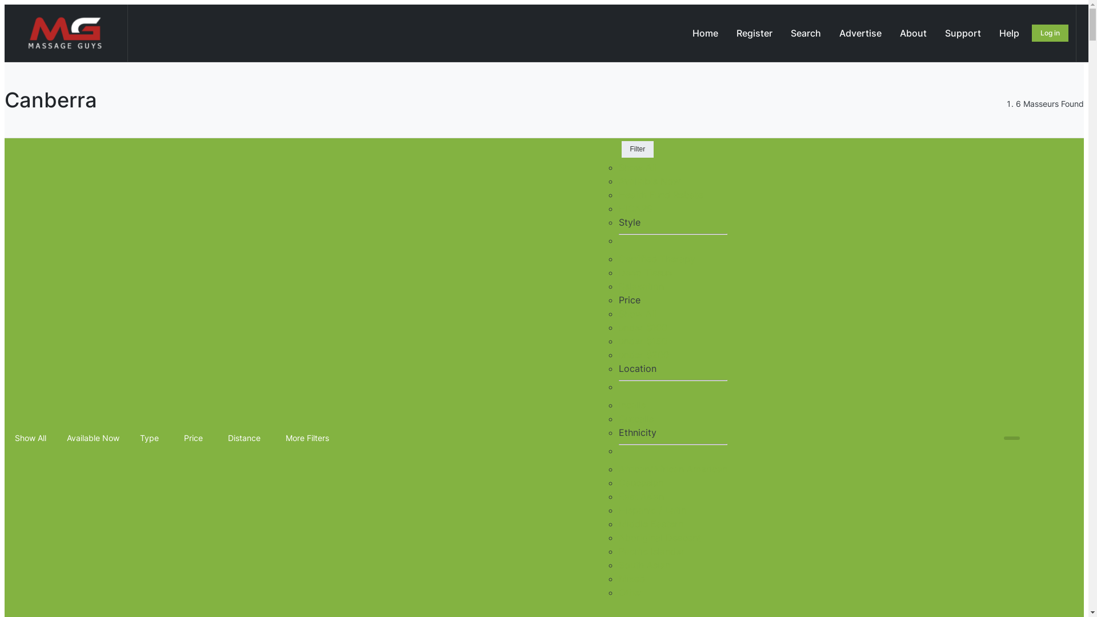 The height and width of the screenshot is (617, 1097). Describe the element at coordinates (1009, 32) in the screenshot. I see `'Help'` at that location.